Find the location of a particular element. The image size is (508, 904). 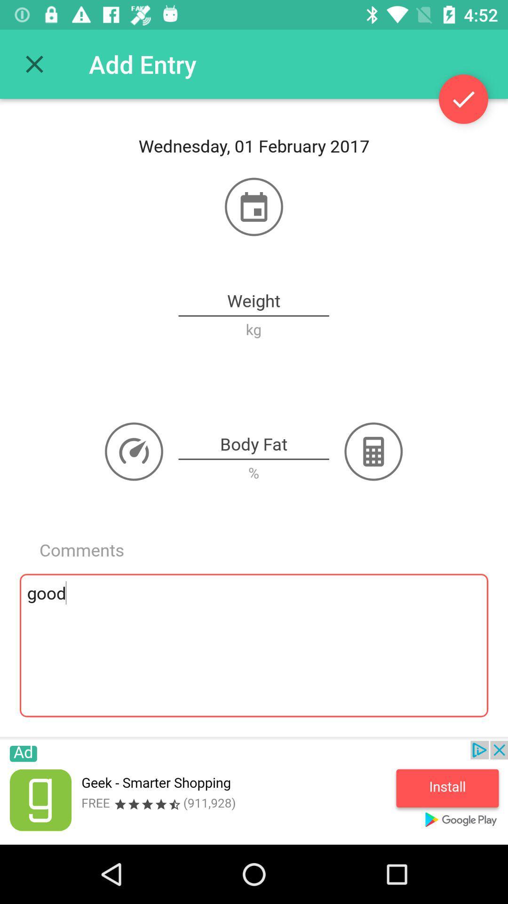

scale option is located at coordinates (134, 451).